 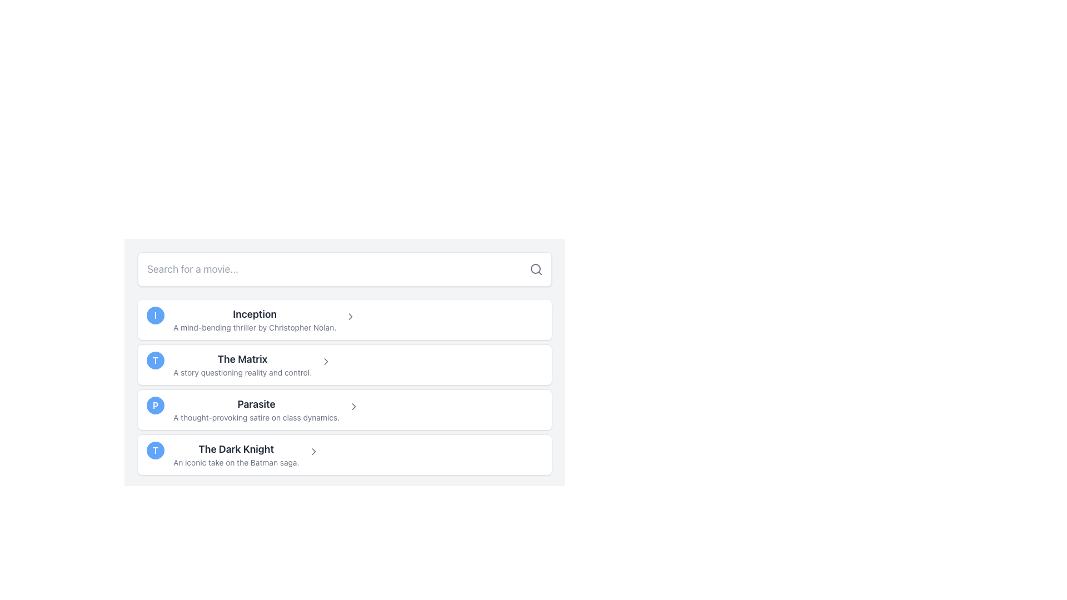 What do you see at coordinates (253, 319) in the screenshot?
I see `the list item titled 'Inception', which features a bold title and a subtitle in a white rectangular box` at bounding box center [253, 319].